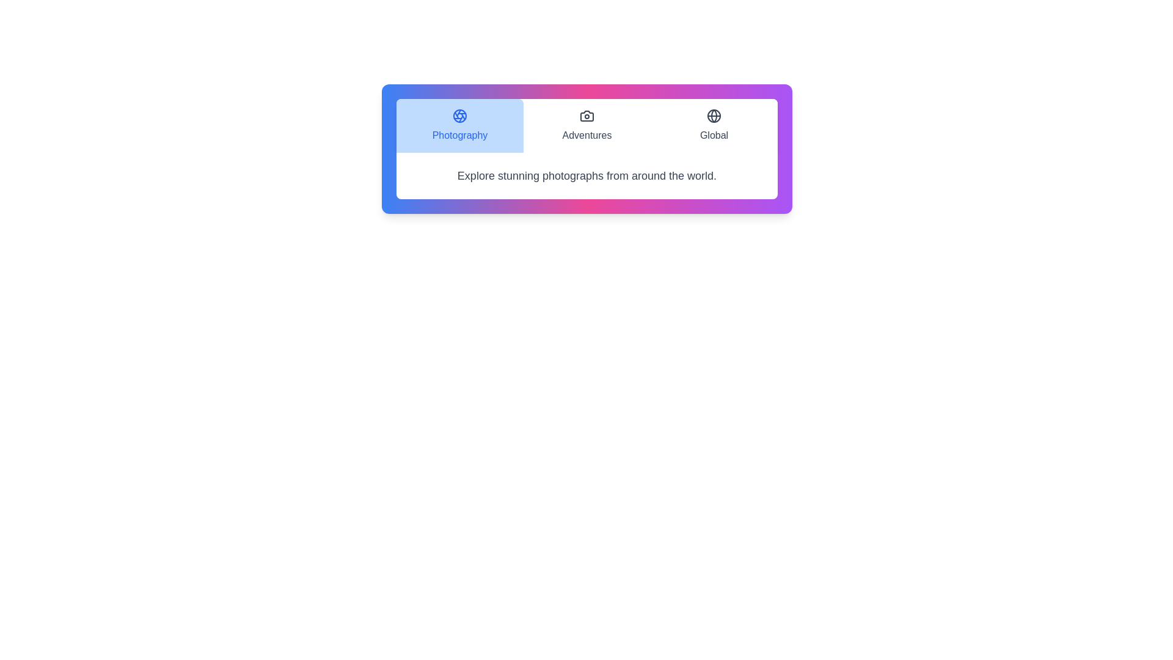 The height and width of the screenshot is (660, 1173). What do you see at coordinates (456, 116) in the screenshot?
I see `the fifth diagonal line of the aperture-like icon, which is part of a larger SVG graphical component, positioned towards the lower left part of the arrangement` at bounding box center [456, 116].